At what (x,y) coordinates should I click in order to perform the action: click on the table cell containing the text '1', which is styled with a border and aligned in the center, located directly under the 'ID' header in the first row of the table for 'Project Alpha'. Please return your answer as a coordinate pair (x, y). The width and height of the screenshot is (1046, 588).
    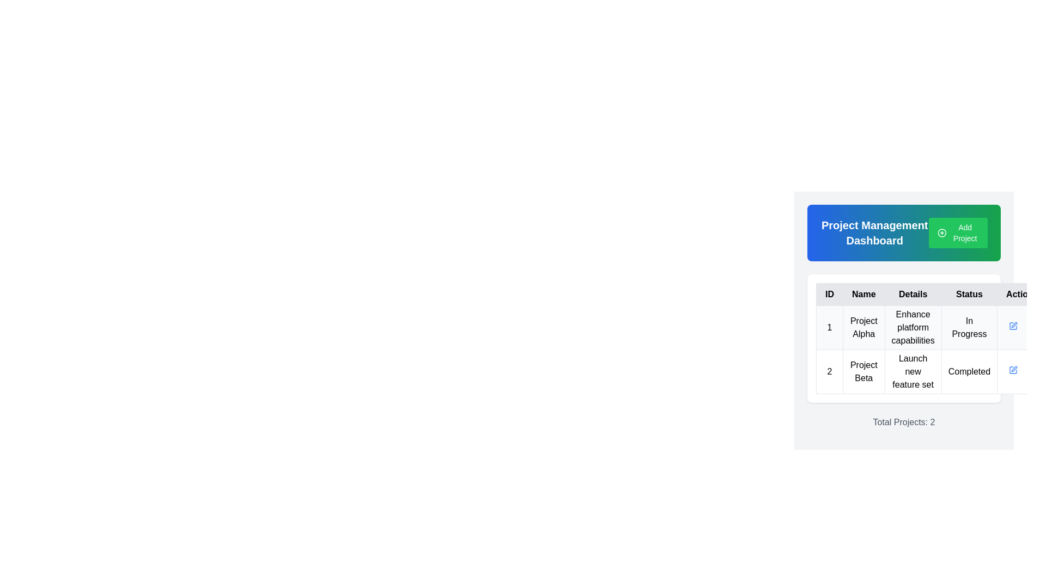
    Looking at the image, I should click on (829, 327).